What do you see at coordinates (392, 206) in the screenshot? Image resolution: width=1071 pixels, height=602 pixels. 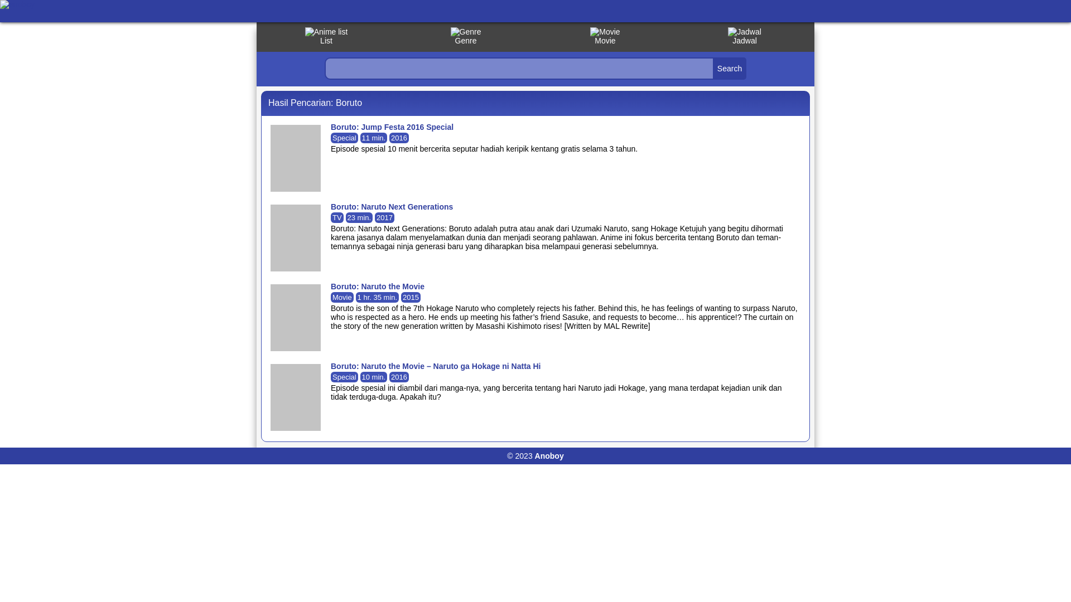 I see `'Boruto: Naruto Next Generations'` at bounding box center [392, 206].